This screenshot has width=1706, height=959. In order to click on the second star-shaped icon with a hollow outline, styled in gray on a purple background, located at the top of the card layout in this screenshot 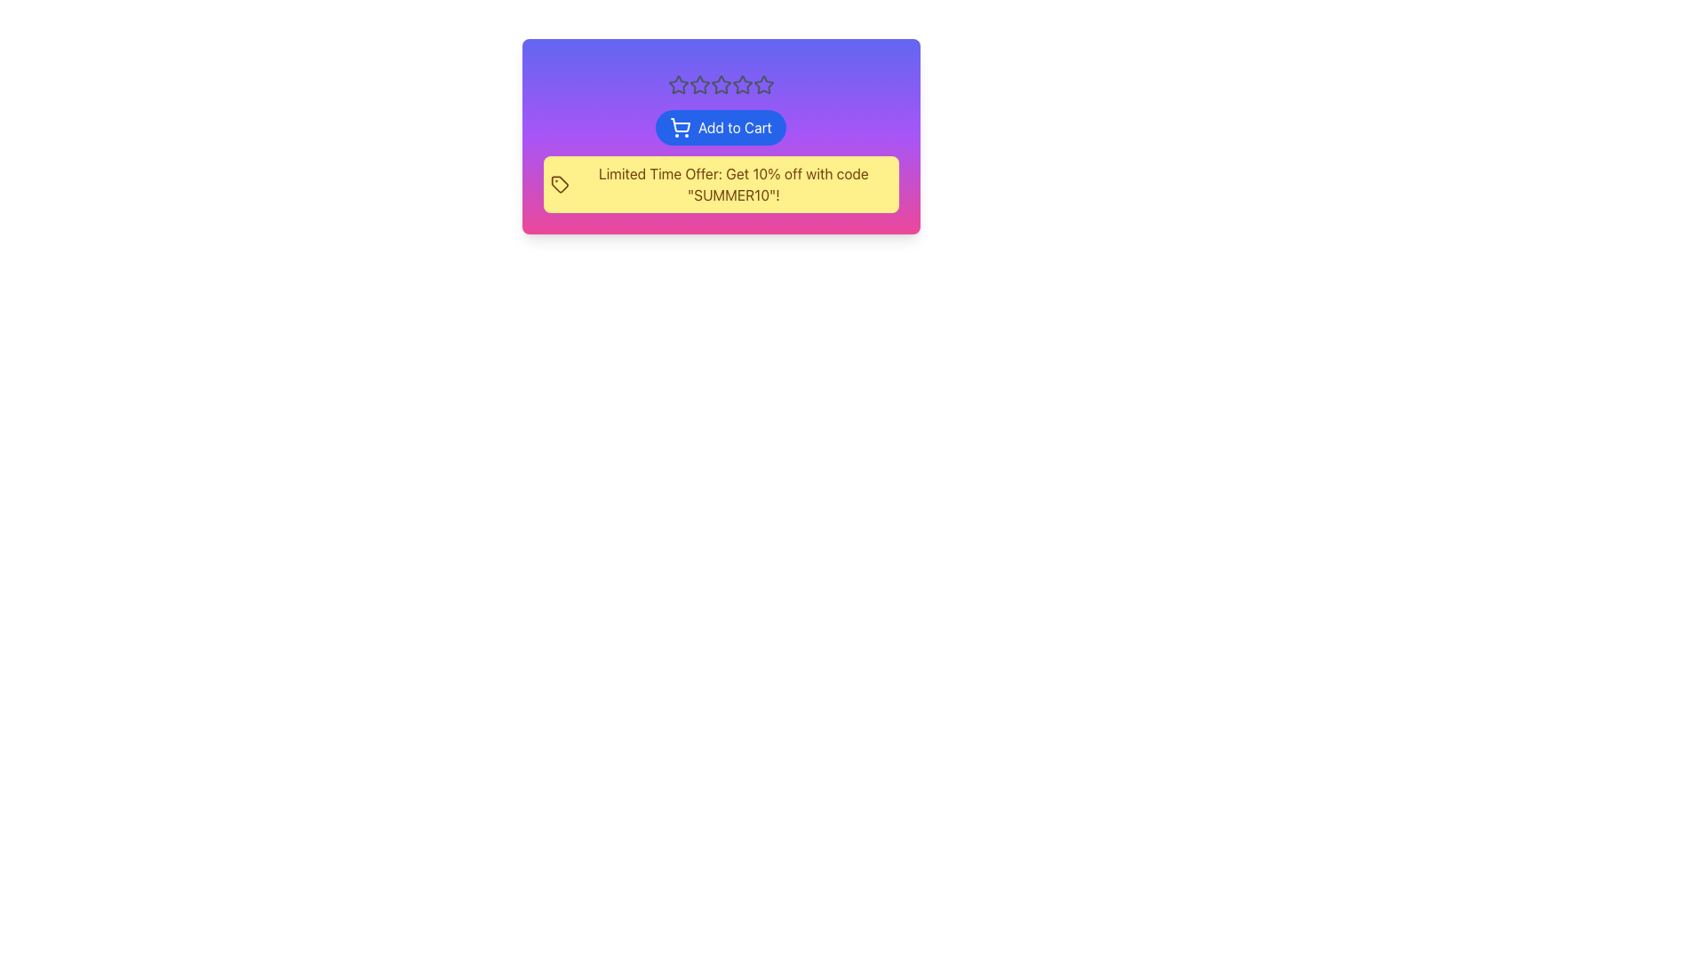, I will do `click(721, 84)`.